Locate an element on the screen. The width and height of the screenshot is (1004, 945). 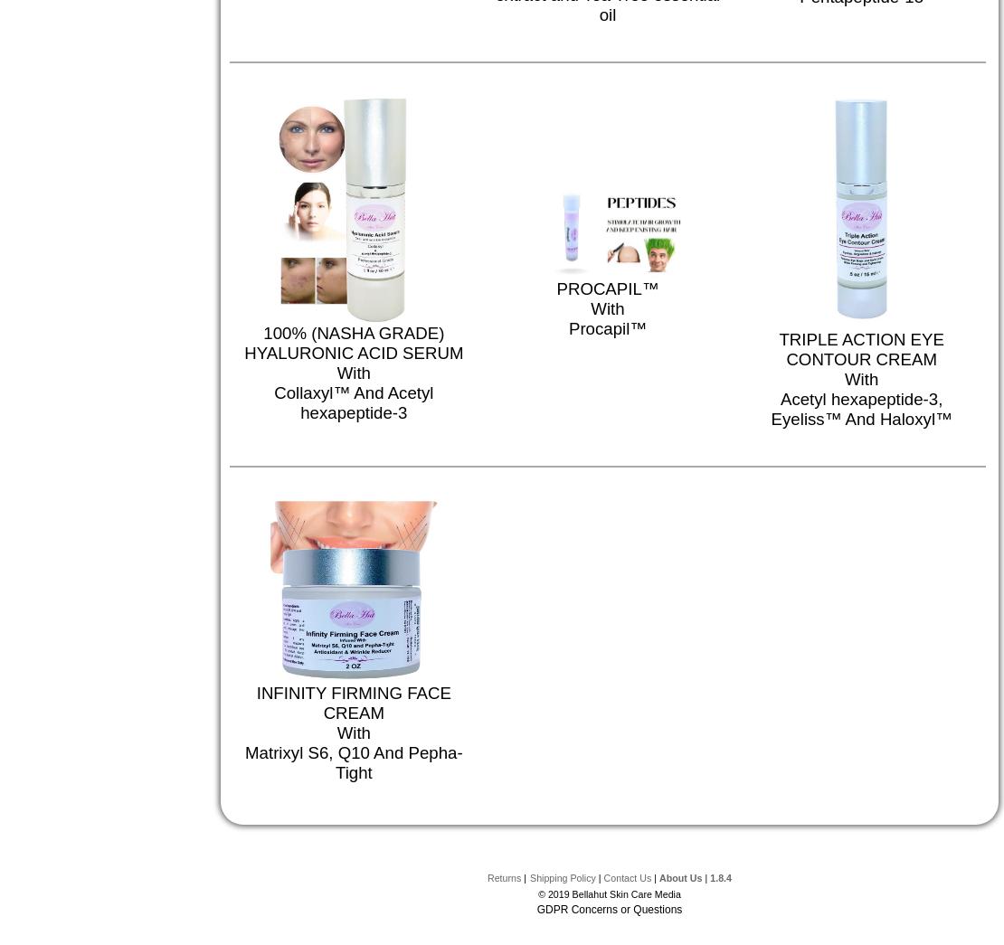
'HYALURONIC ACID AND COLLAGEN - RUBBERIZING MASK POWDER' is located at coordinates (716, 428).